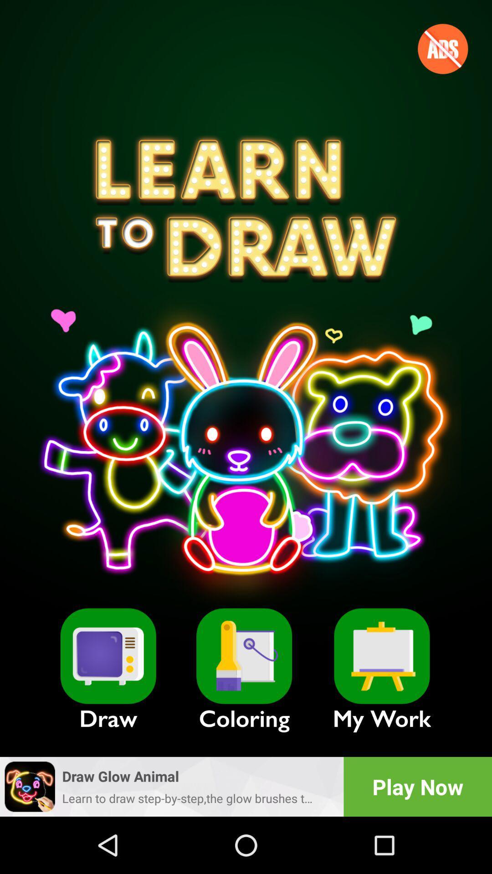 This screenshot has width=492, height=874. Describe the element at coordinates (244, 656) in the screenshot. I see `erase the image` at that location.